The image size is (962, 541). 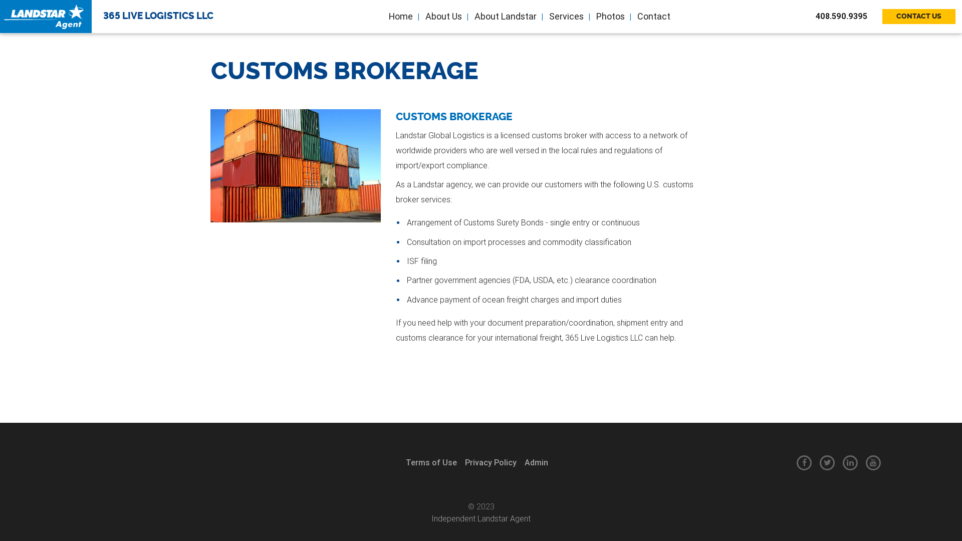 What do you see at coordinates (399, 16) in the screenshot?
I see `'Home'` at bounding box center [399, 16].